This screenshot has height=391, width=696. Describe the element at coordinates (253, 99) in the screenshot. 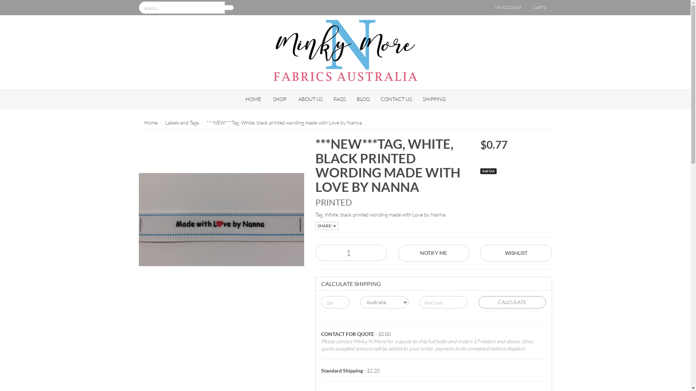

I see `'HOME'` at that location.